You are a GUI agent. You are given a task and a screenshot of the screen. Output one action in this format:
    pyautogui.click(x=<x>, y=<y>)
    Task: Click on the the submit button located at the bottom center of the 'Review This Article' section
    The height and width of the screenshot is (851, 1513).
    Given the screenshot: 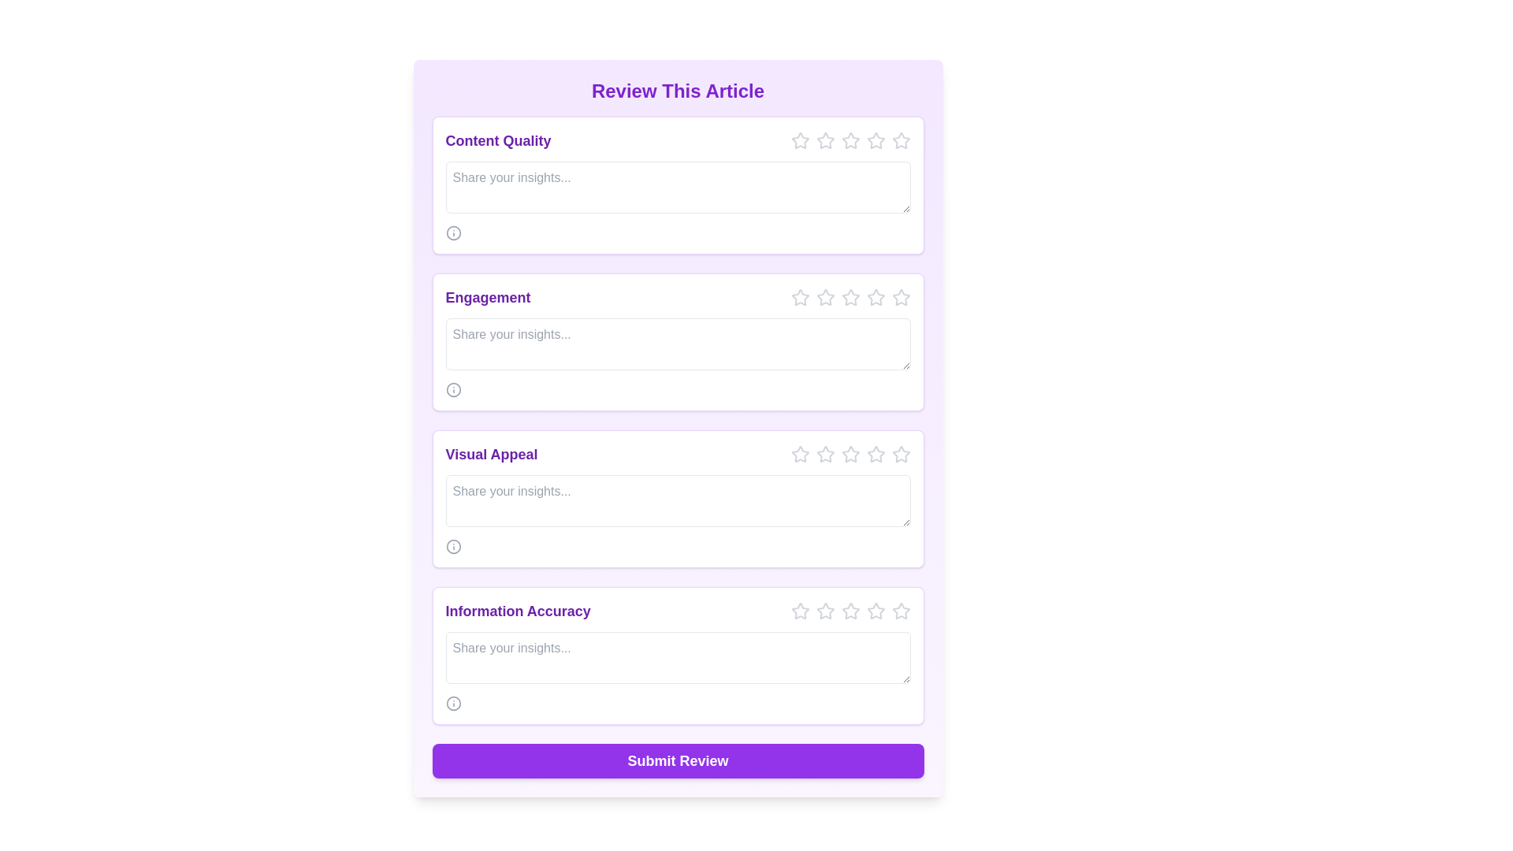 What is the action you would take?
    pyautogui.click(x=678, y=760)
    